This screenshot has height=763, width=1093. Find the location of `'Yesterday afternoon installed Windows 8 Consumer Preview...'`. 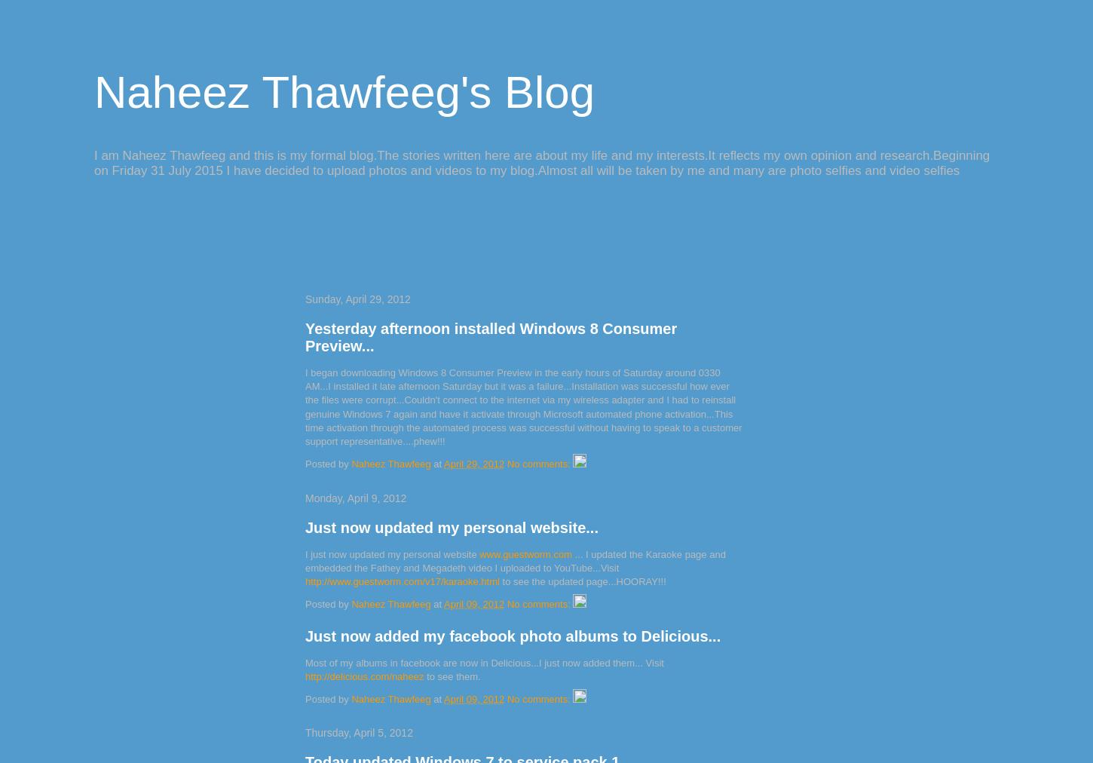

'Yesterday afternoon installed Windows 8 Consumer Preview...' is located at coordinates (490, 336).